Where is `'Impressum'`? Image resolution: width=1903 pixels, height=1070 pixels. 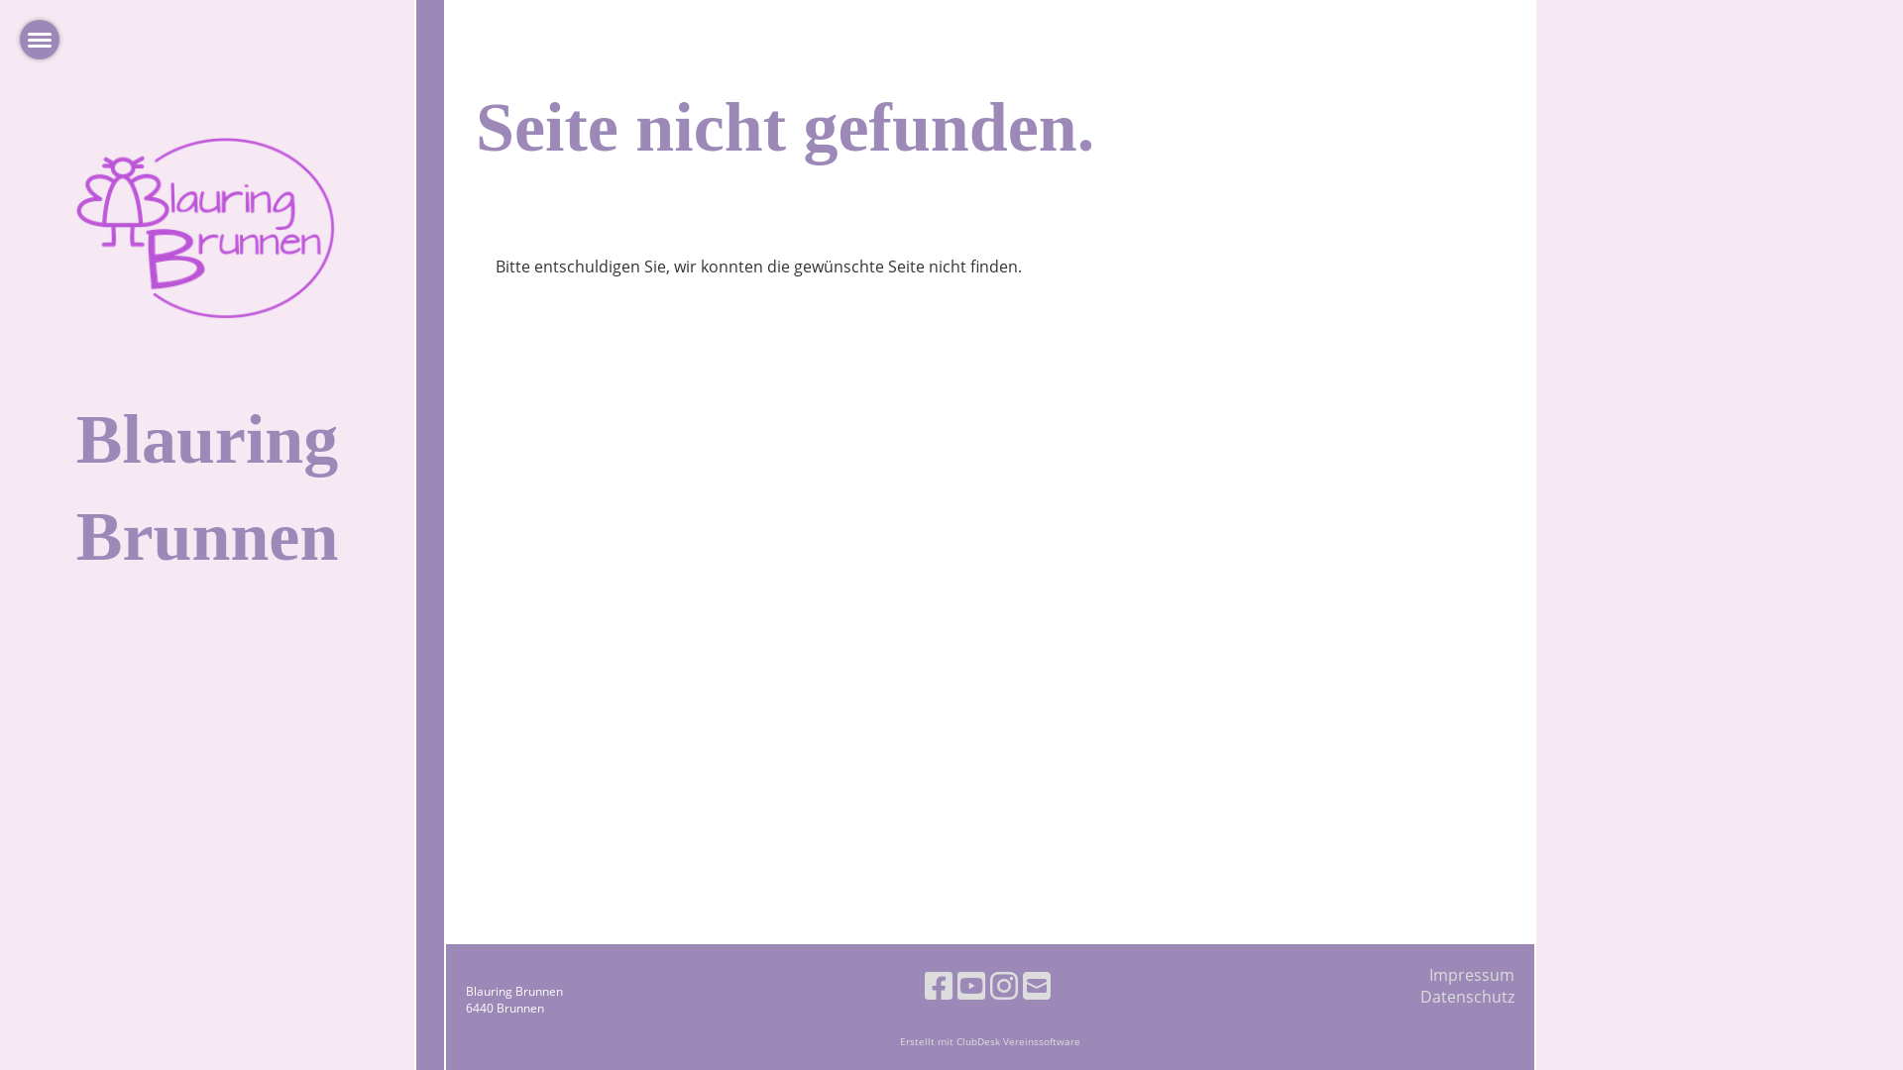 'Impressum' is located at coordinates (1471, 973).